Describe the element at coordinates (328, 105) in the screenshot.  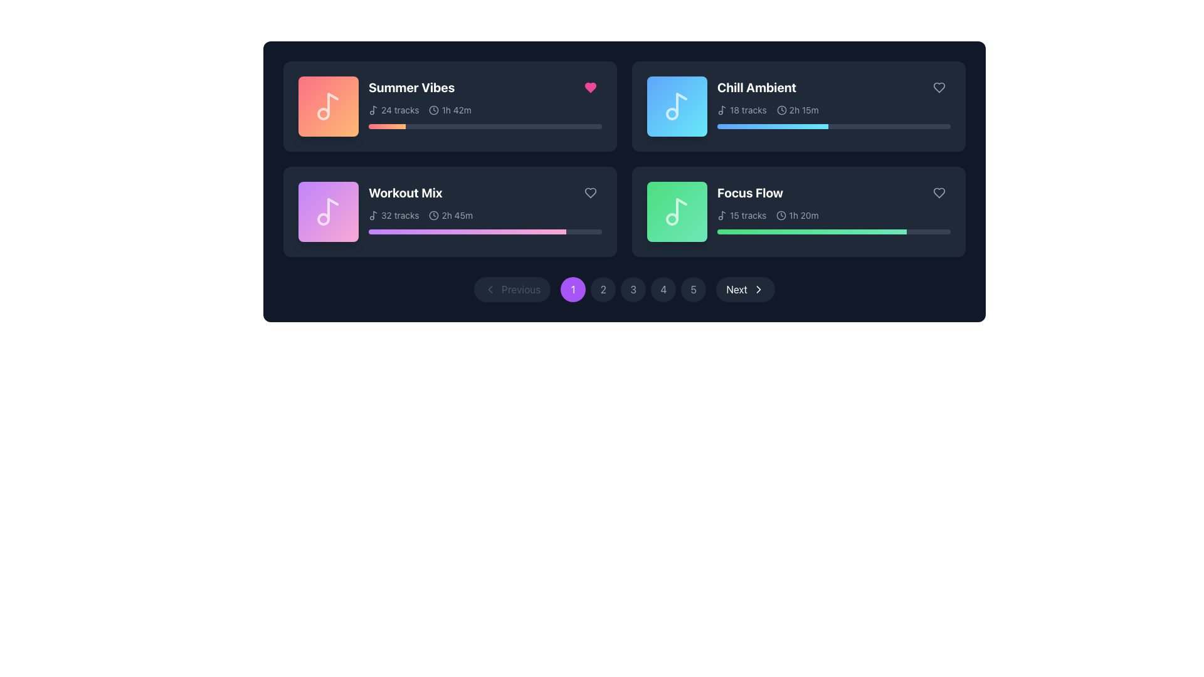
I see `the music-related card icon located in the top-left corner of the grid` at that location.